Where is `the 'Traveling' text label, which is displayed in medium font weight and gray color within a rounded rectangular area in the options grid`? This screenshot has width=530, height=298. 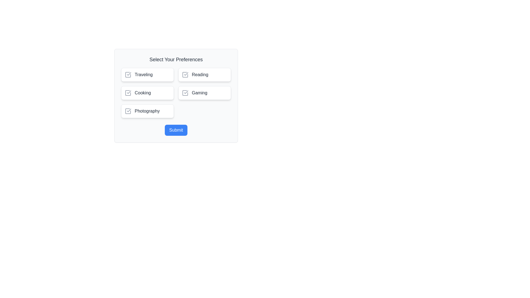 the 'Traveling' text label, which is displayed in medium font weight and gray color within a rounded rectangular area in the options grid is located at coordinates (144, 74).